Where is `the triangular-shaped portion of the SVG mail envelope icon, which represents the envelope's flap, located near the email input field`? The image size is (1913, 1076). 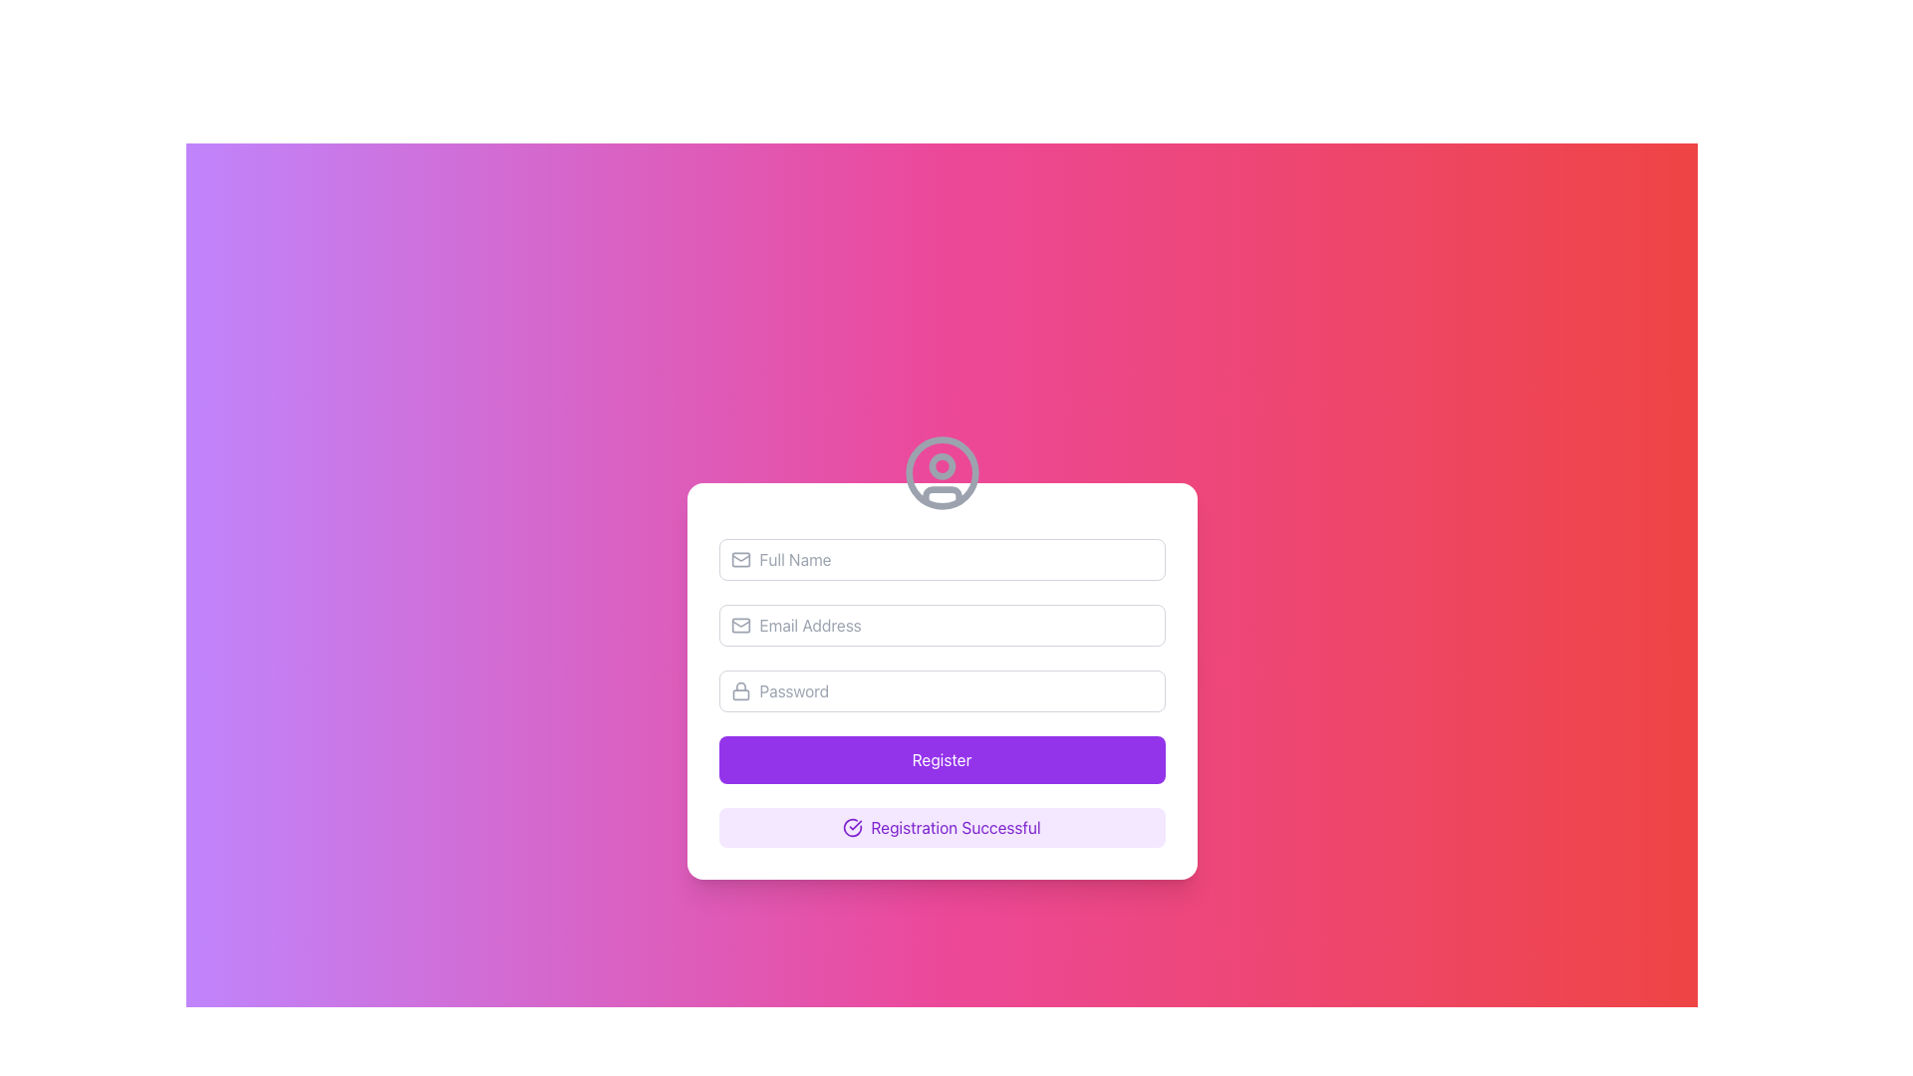 the triangular-shaped portion of the SVG mail envelope icon, which represents the envelope's flap, located near the email input field is located at coordinates (739, 623).